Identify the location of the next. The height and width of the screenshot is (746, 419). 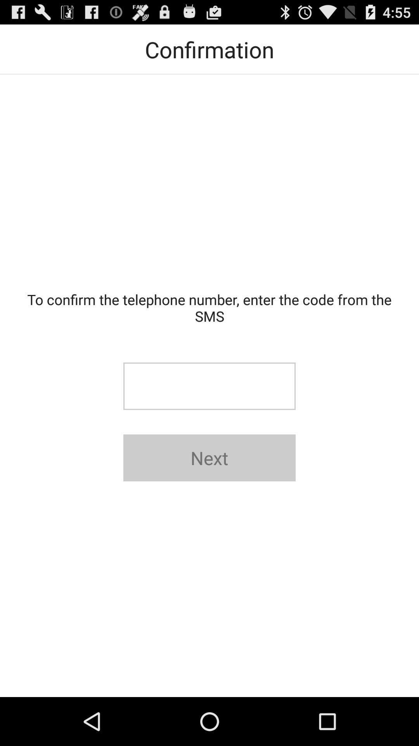
(209, 458).